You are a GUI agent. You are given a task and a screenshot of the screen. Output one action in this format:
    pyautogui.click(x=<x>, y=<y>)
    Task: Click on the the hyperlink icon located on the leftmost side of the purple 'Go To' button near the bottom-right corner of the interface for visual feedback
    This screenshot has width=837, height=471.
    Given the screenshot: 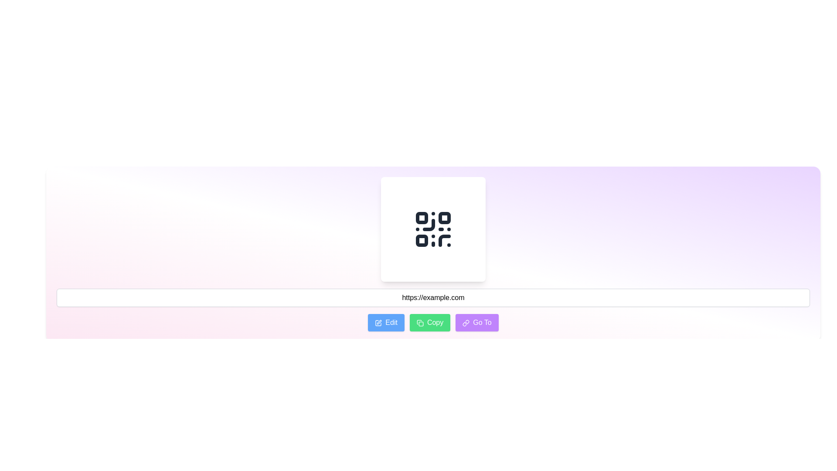 What is the action you would take?
    pyautogui.click(x=466, y=323)
    